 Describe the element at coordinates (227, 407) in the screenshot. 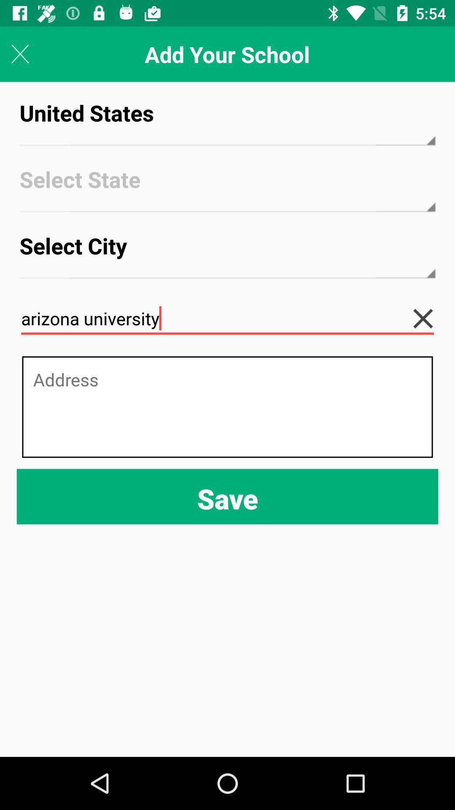

I see `the item below arizona university icon` at that location.